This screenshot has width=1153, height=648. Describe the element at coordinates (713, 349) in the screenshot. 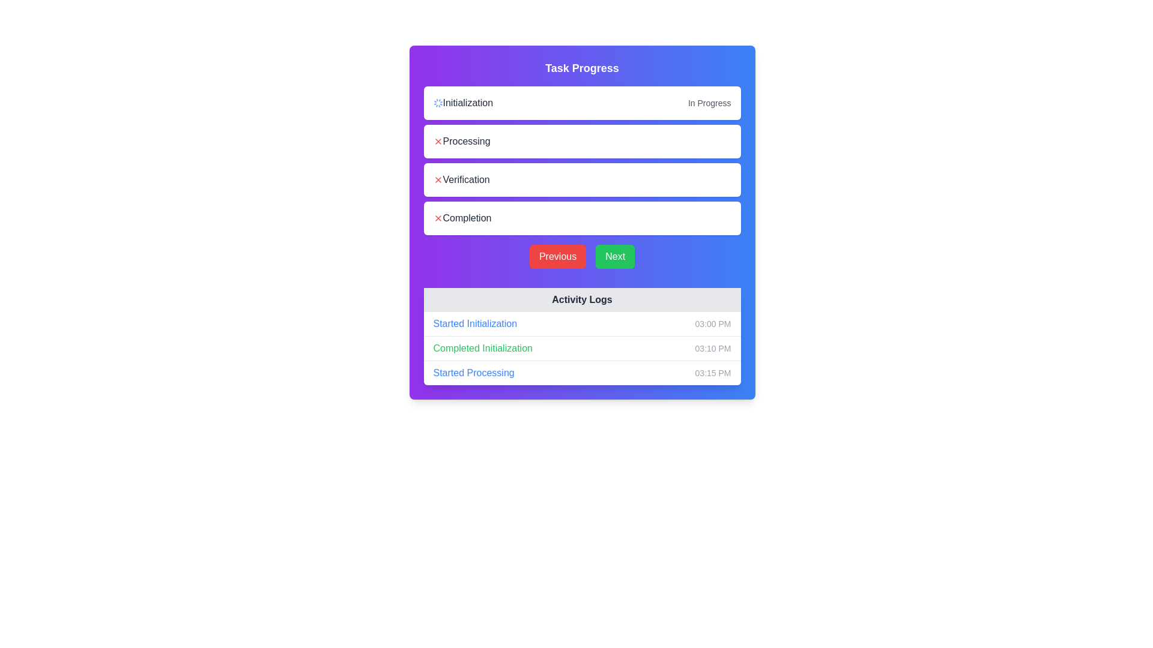

I see `the timestamp text label indicating 'Completed Initialization' located in the 'Activity Logs' section, positioned between '03:00 PM' and '03:15 PM'` at that location.